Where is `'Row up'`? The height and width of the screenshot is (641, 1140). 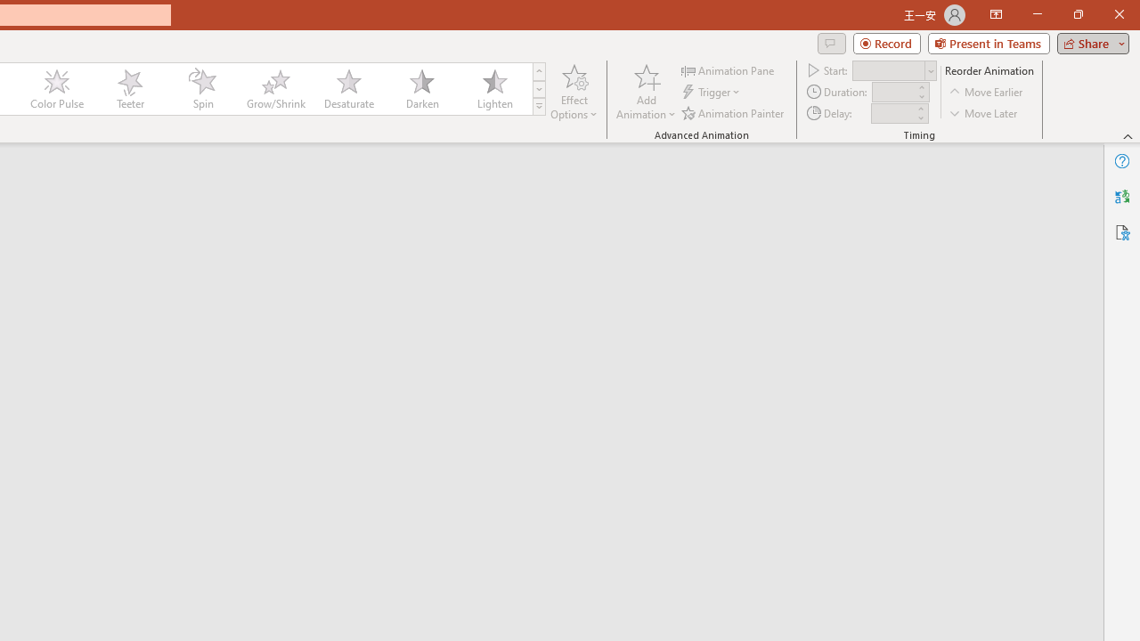 'Row up' is located at coordinates (538, 70).